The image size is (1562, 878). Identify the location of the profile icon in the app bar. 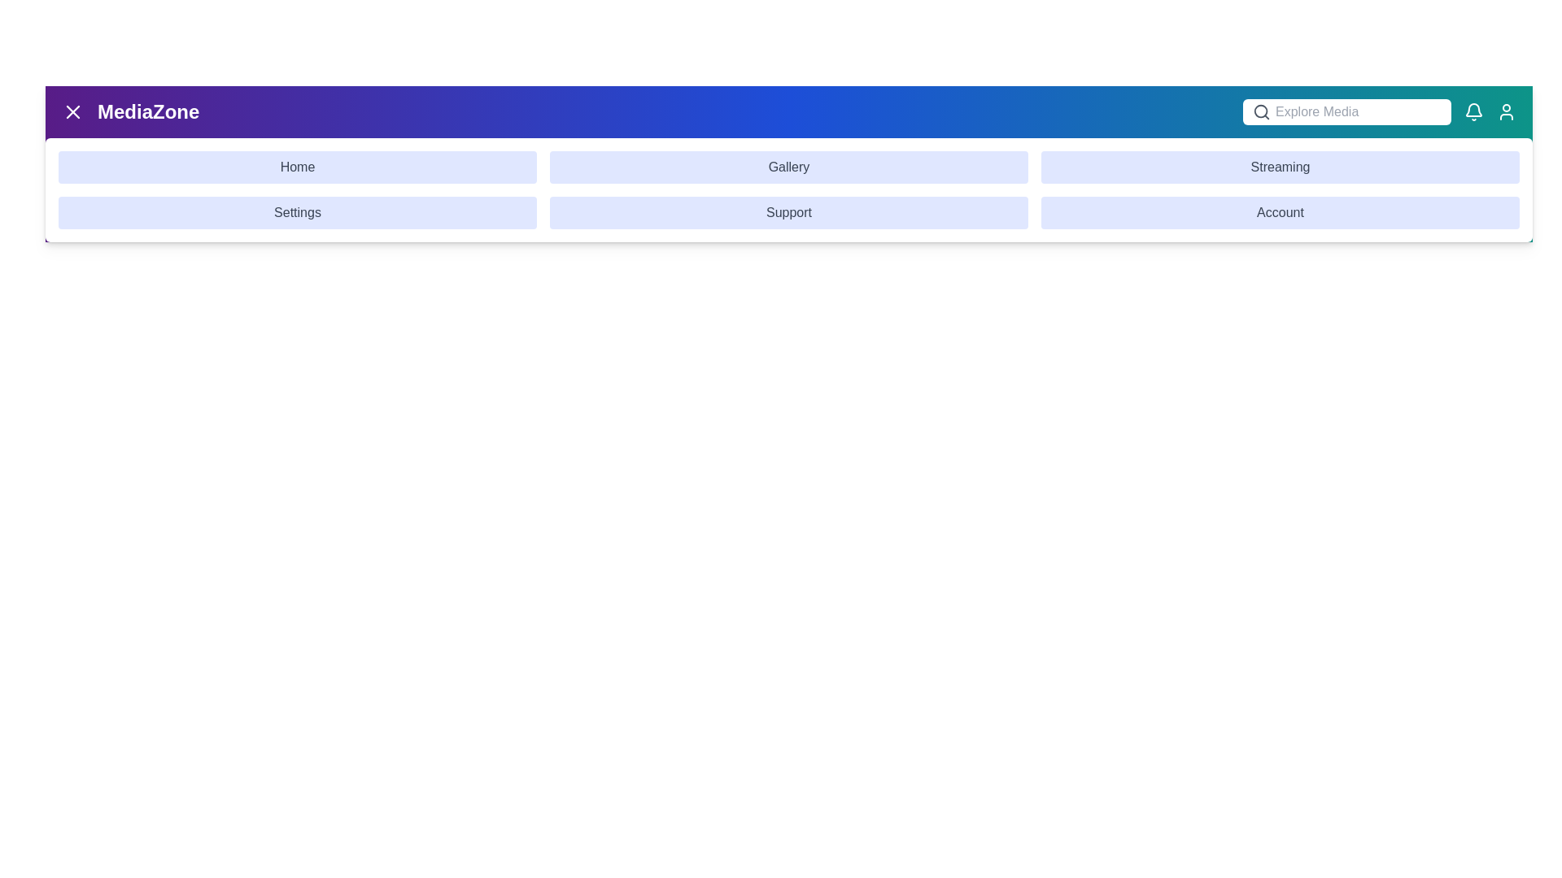
(1506, 111).